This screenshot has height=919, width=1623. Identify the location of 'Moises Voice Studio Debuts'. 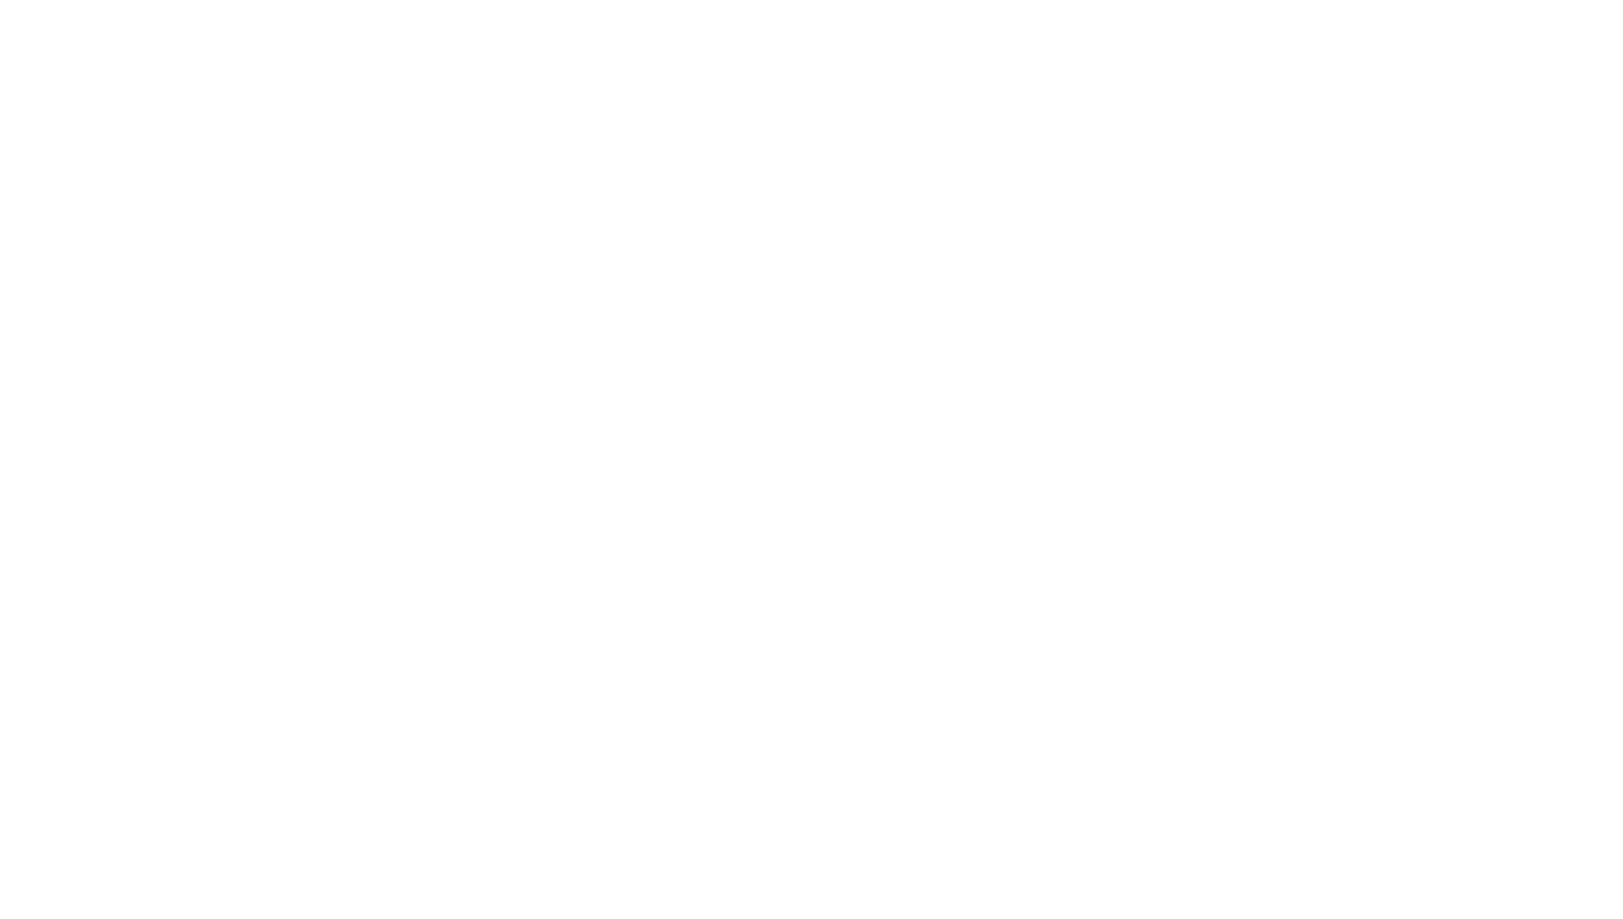
(636, 577).